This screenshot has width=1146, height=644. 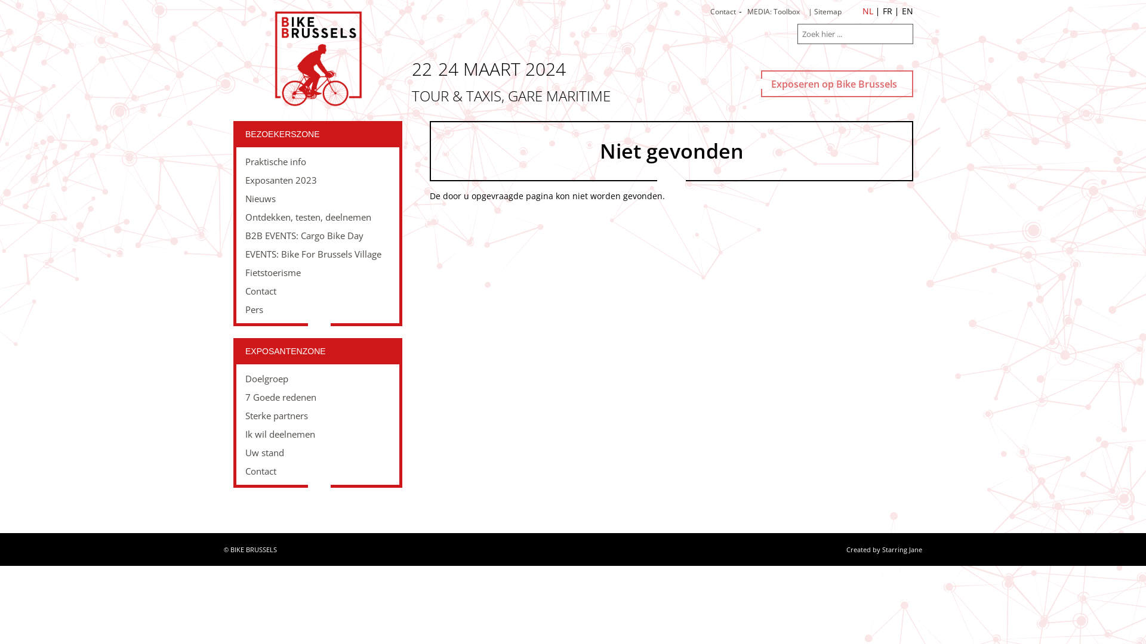 What do you see at coordinates (318, 253) in the screenshot?
I see `'EVENTS: Bike For Brussels Village'` at bounding box center [318, 253].